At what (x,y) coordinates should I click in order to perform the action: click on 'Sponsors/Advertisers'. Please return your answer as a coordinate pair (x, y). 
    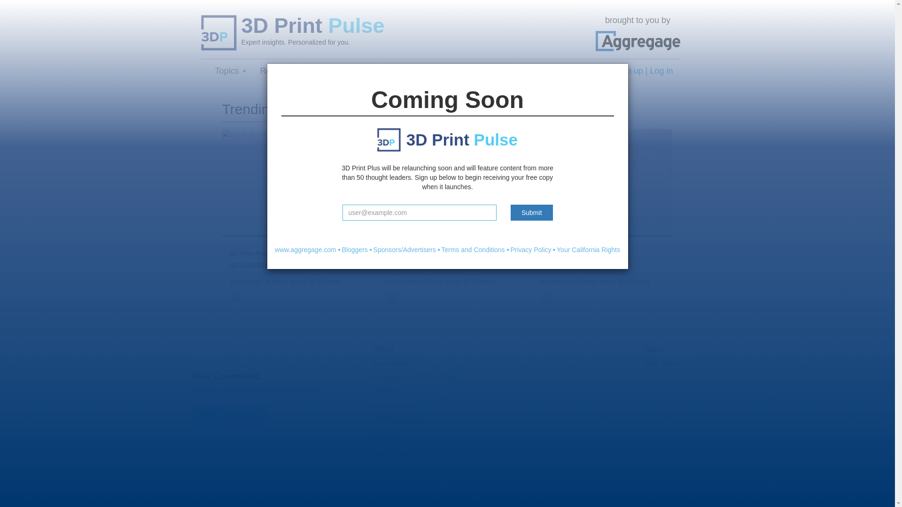
    Looking at the image, I should click on (373, 249).